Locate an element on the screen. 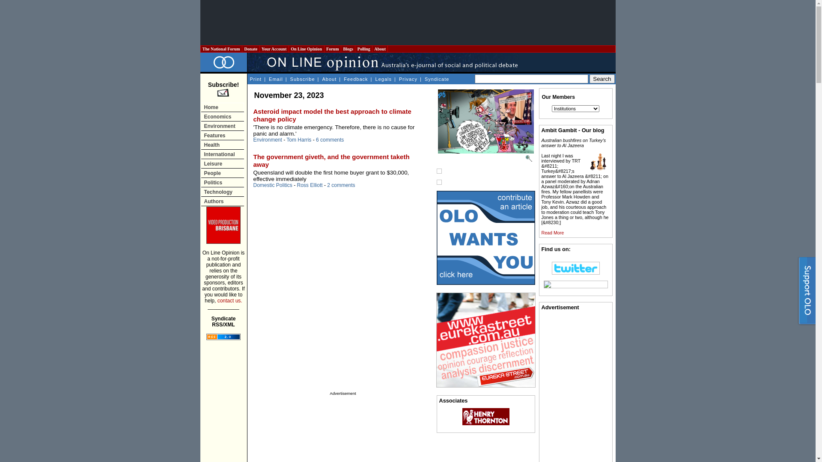 The width and height of the screenshot is (822, 462). ' About ' is located at coordinates (379, 49).